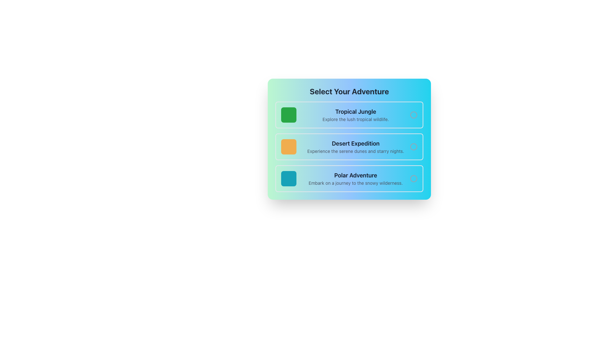 This screenshot has width=612, height=344. Describe the element at coordinates (355, 111) in the screenshot. I see `bold text label saying 'Tropical Jungle' which is prominently displayed as the first option in a vertical selection interface` at that location.